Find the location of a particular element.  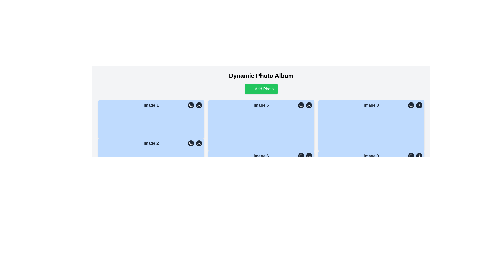

the download icon button located at the bottom-right corner of the tile representing 'Image 9' to initiate a download is located at coordinates (419, 156).